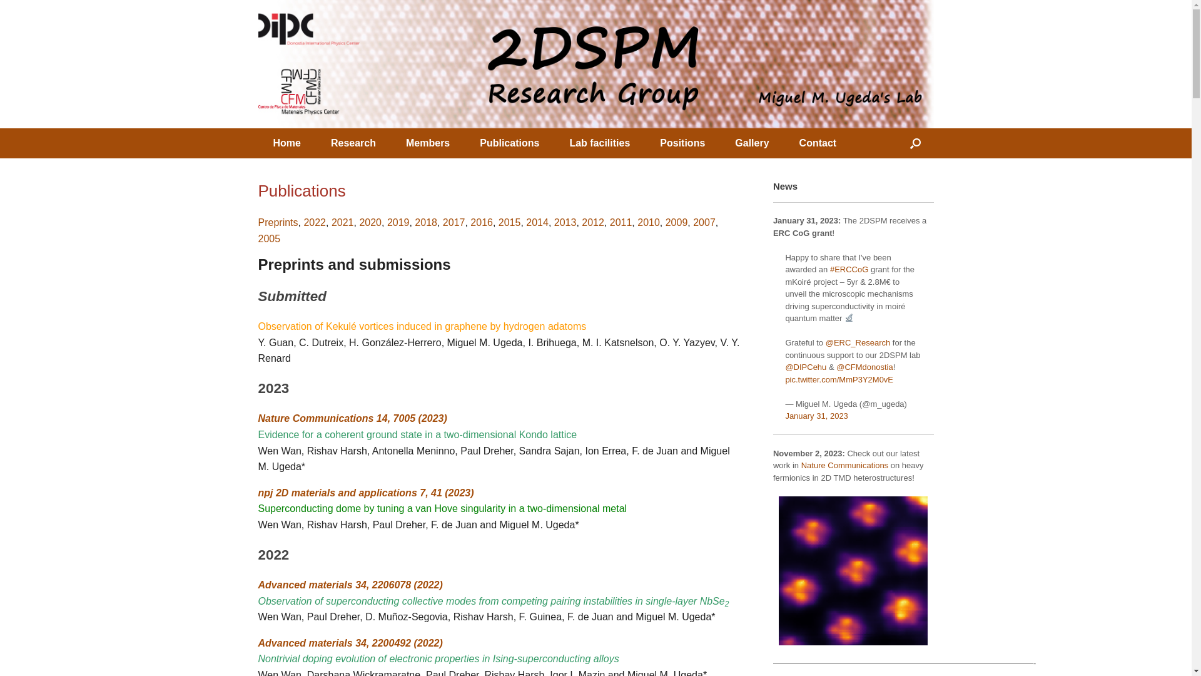  I want to click on '2015', so click(497, 222).